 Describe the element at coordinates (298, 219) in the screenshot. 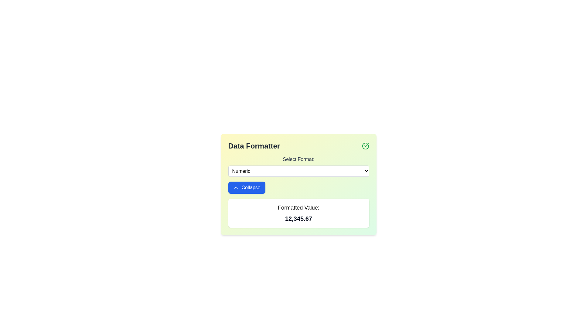

I see `the Text Display element that shows the formatted value '12,345.67', which is located directly below the 'Formatted Value:' label in the 'Data Formatter' section` at that location.